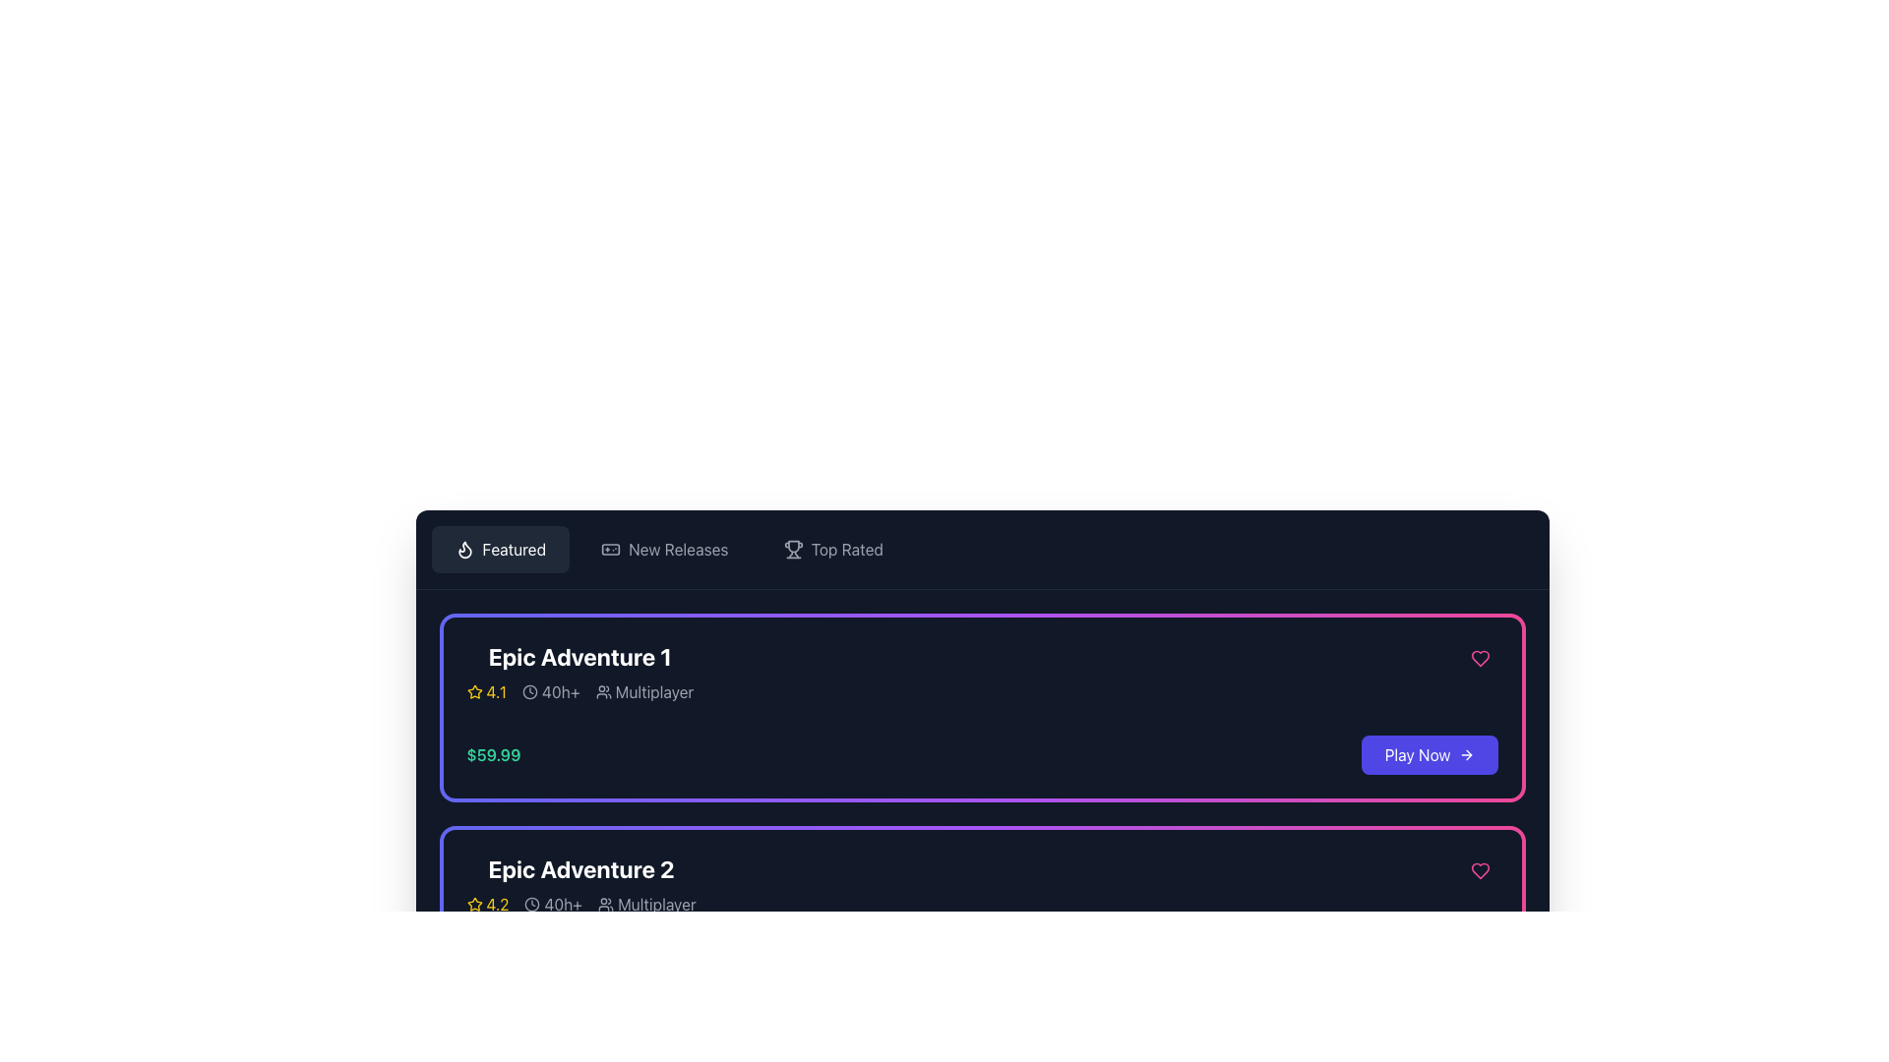 The image size is (1889, 1062). What do you see at coordinates (793, 547) in the screenshot?
I see `the trophy-like icon in the header section of the interface` at bounding box center [793, 547].